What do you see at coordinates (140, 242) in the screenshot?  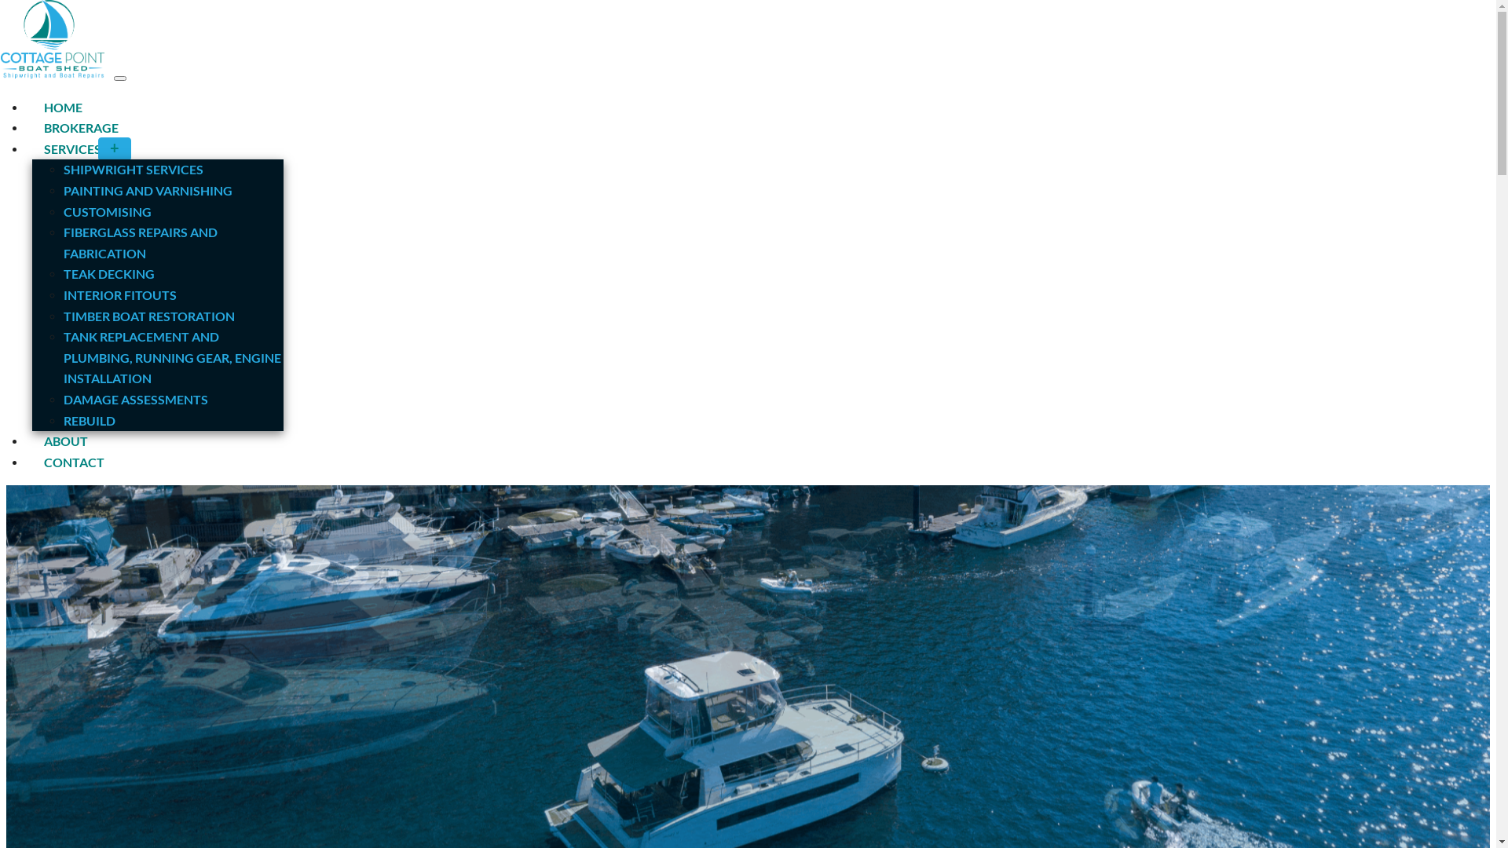 I see `'FIBERGLASS REPAIRS AND FABRICATION'` at bounding box center [140, 242].